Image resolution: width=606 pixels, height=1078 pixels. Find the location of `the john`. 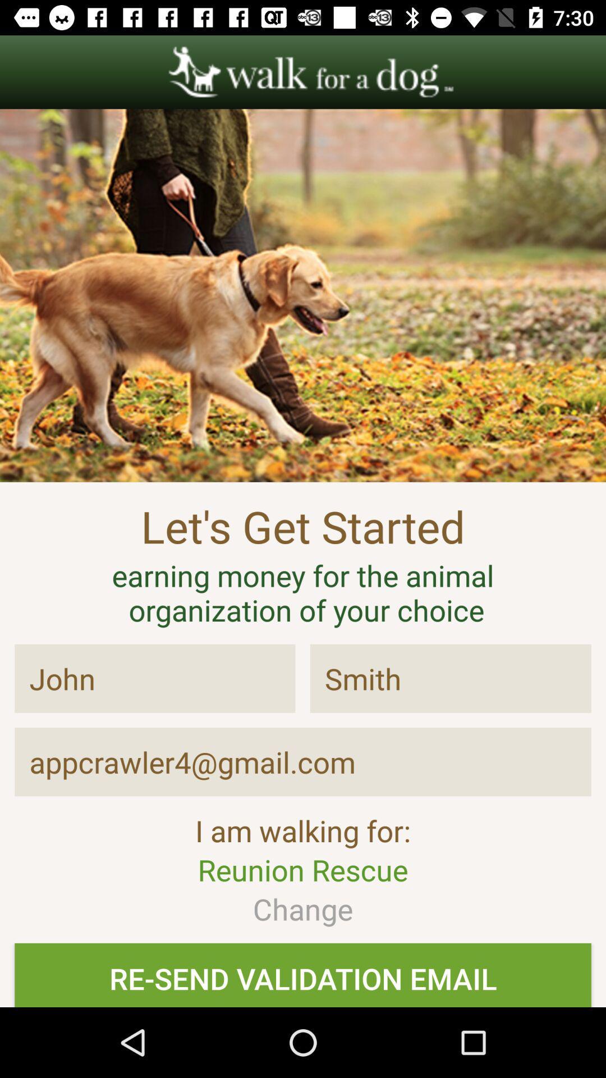

the john is located at coordinates (155, 678).